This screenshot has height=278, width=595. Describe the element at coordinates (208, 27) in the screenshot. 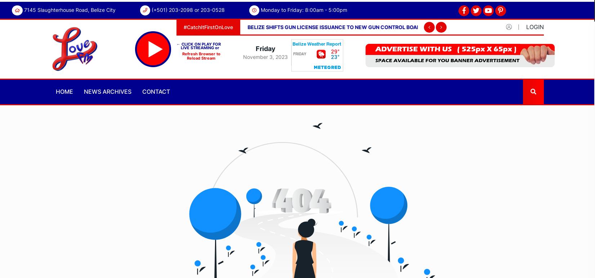

I see `'#CatchItFirstOnLove'` at that location.